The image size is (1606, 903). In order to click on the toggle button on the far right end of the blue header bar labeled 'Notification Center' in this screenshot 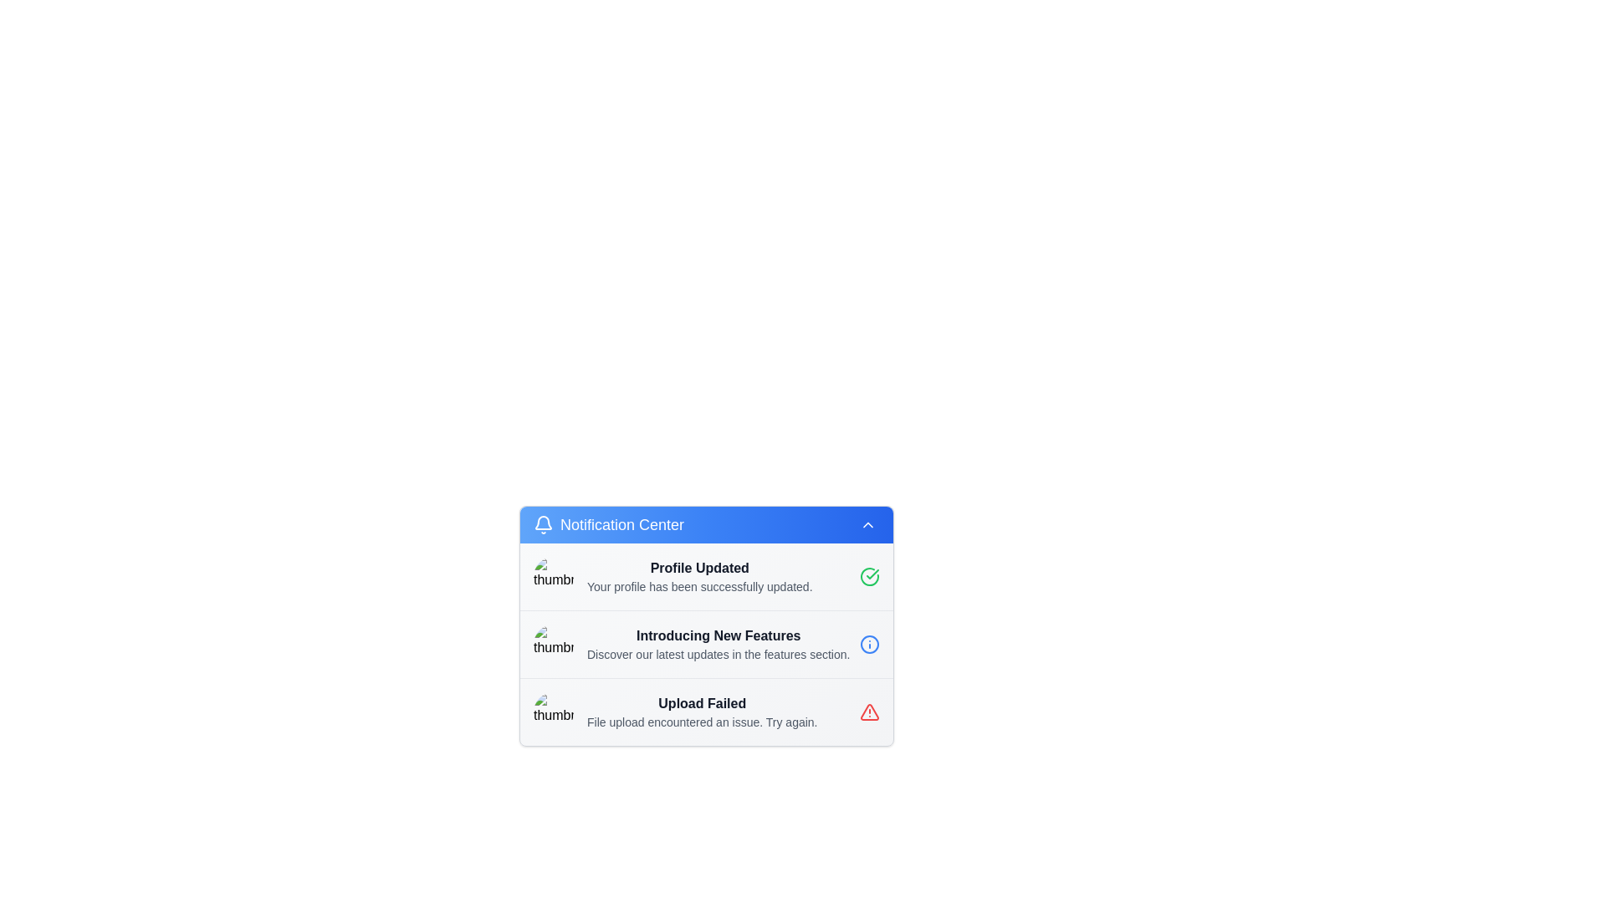, I will do `click(867, 524)`.